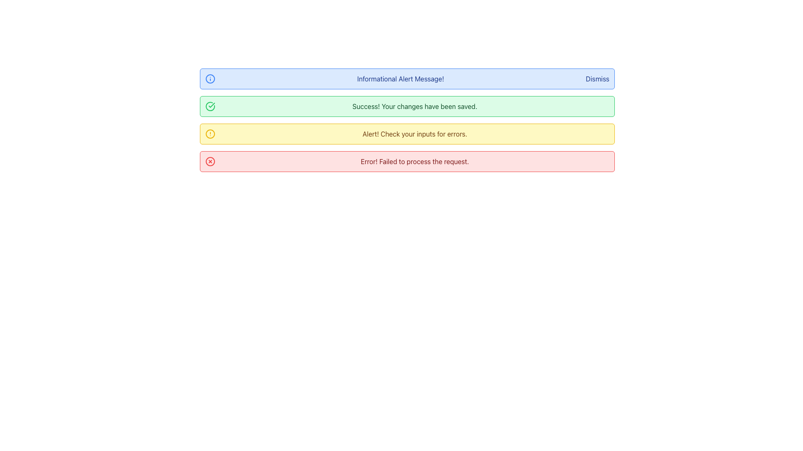 The width and height of the screenshot is (803, 451). What do you see at coordinates (210, 133) in the screenshot?
I see `the yellow circular icon with an exclamation mark, which is part of the notification component indicating 'Alert! Check your inputs for errors.'` at bounding box center [210, 133].